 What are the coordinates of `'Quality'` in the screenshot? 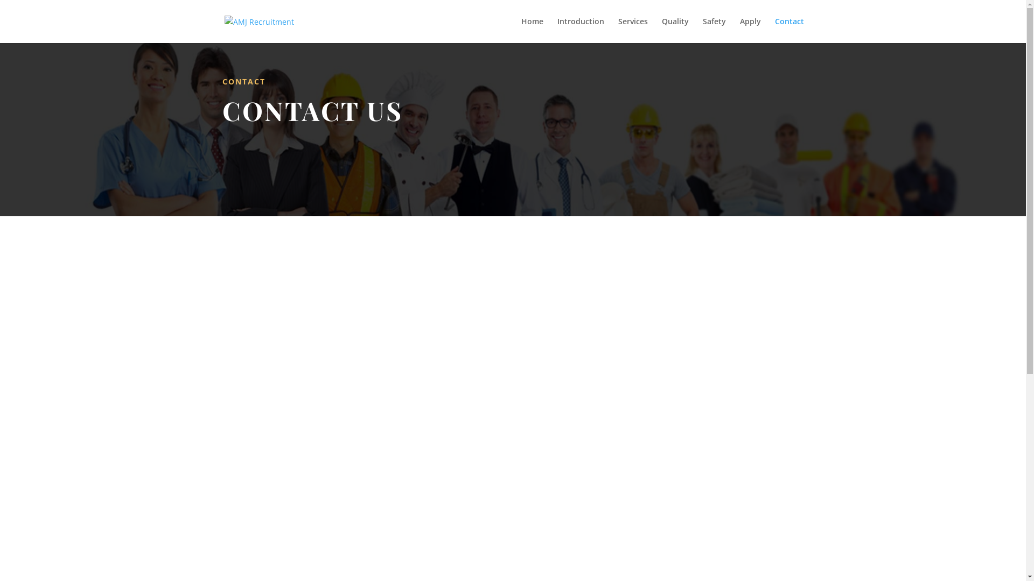 It's located at (674, 30).